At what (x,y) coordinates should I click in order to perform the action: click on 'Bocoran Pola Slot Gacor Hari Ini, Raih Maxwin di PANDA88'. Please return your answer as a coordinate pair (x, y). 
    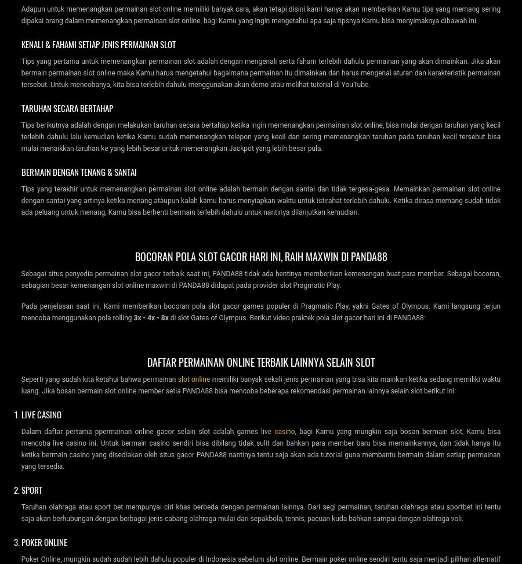
    Looking at the image, I should click on (134, 255).